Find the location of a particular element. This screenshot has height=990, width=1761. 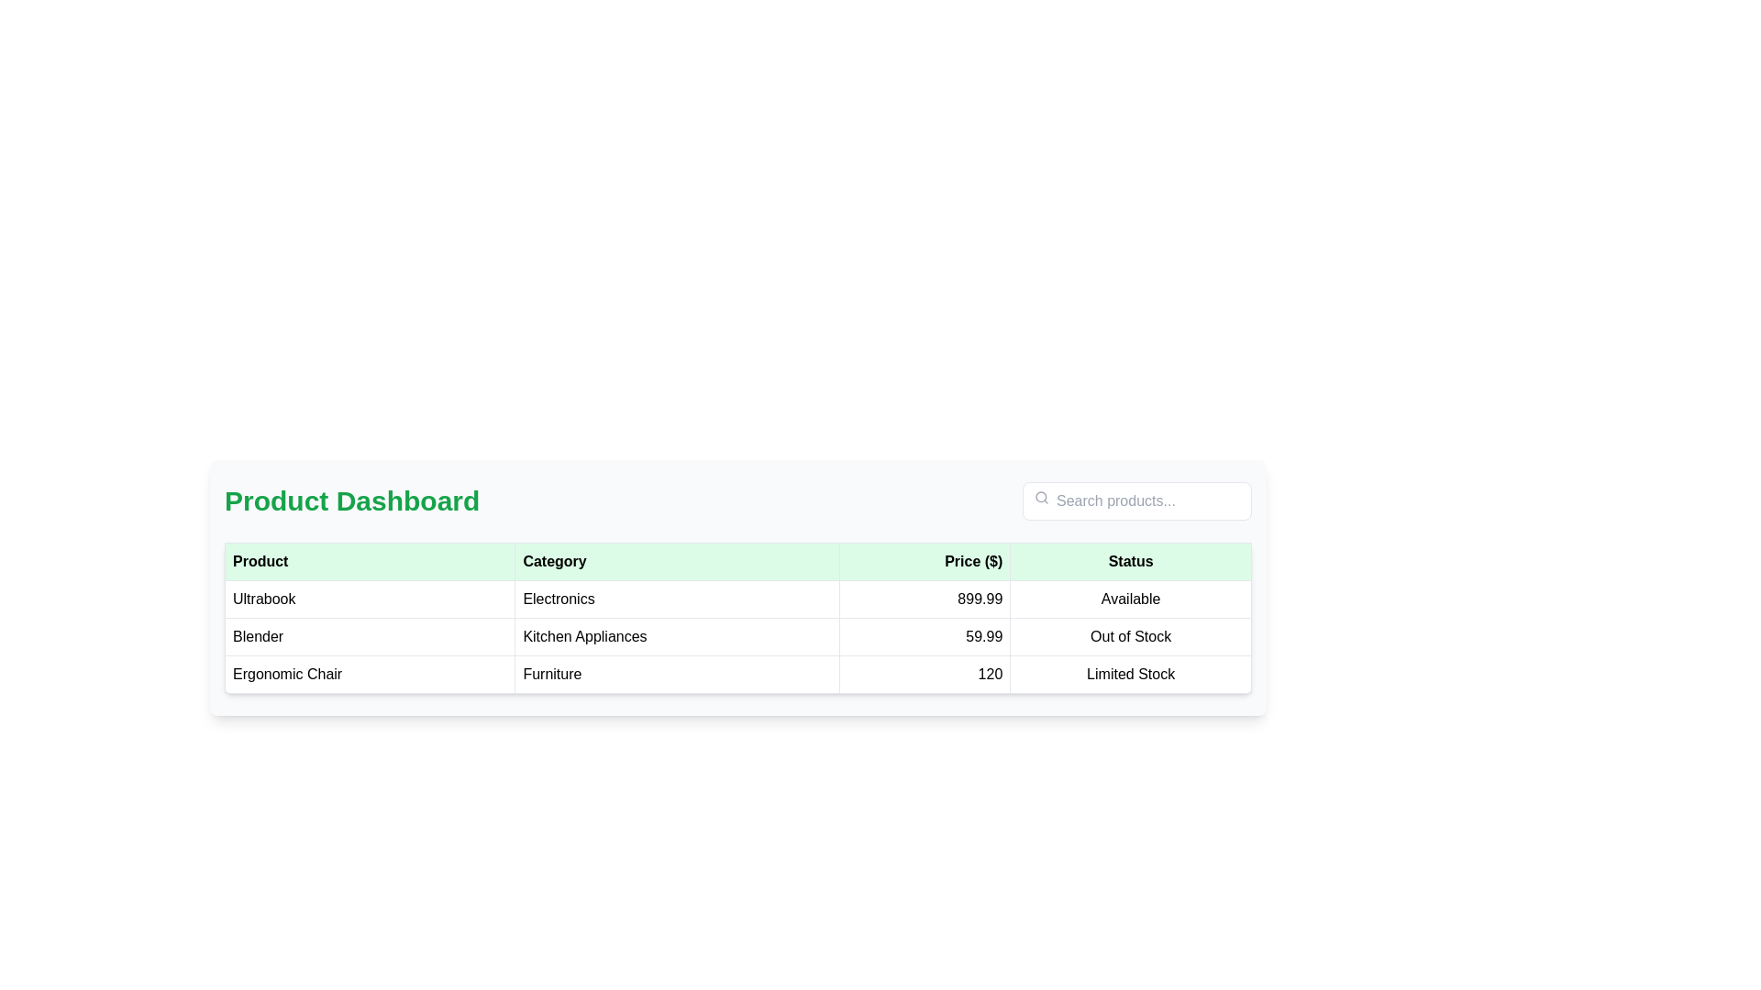

the static text label displaying 'Product Dashboard' which is styled in green, large, and bold at the top-left corner of the interface is located at coordinates (352, 501).